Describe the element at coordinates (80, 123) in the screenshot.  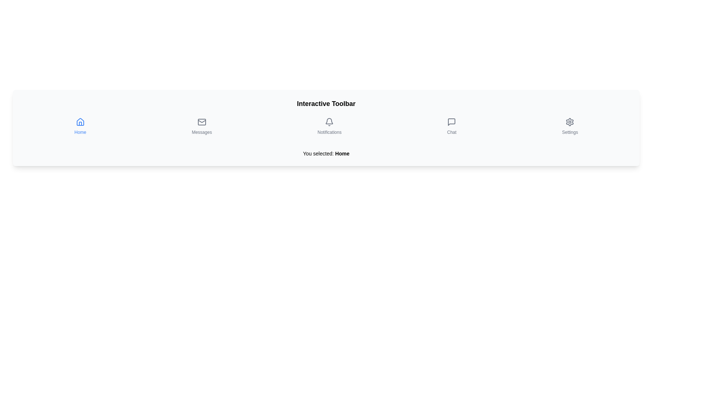
I see `the small rectangle graphical icon located at the bottom center of the house-shaped icon in the toolbar` at that location.